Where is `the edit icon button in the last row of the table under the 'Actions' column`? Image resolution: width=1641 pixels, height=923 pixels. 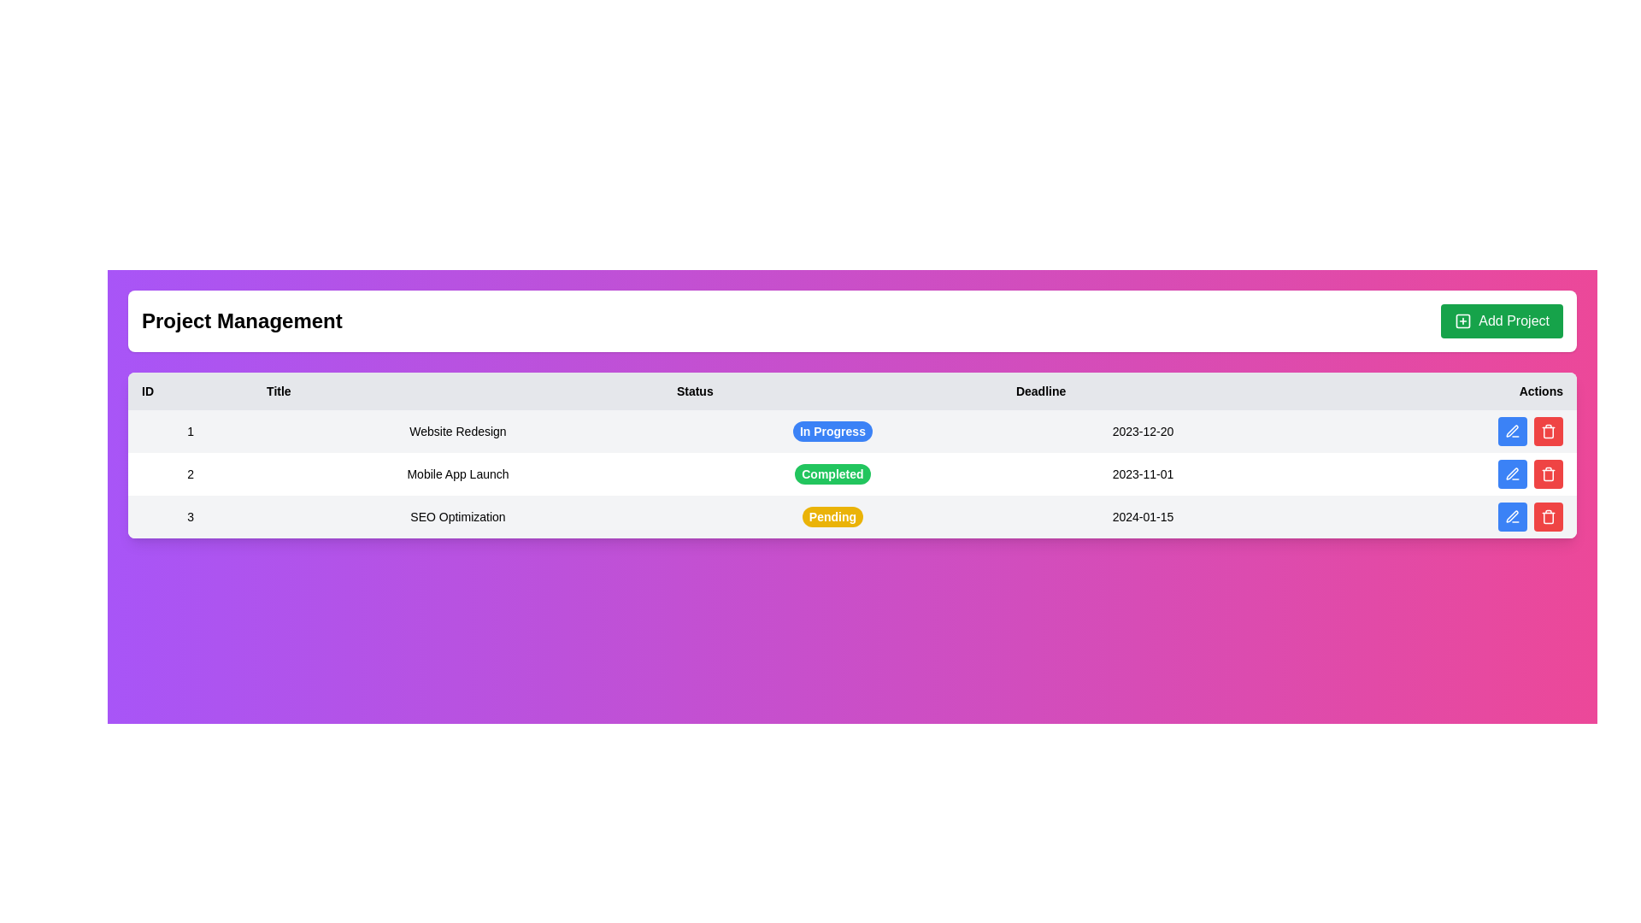 the edit icon button in the last row of the table under the 'Actions' column is located at coordinates (1513, 516).